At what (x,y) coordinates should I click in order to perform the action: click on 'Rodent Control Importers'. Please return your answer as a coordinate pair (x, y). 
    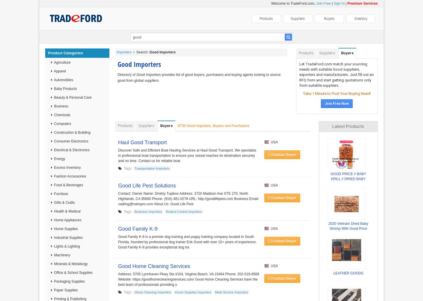
    Looking at the image, I should click on (165, 211).